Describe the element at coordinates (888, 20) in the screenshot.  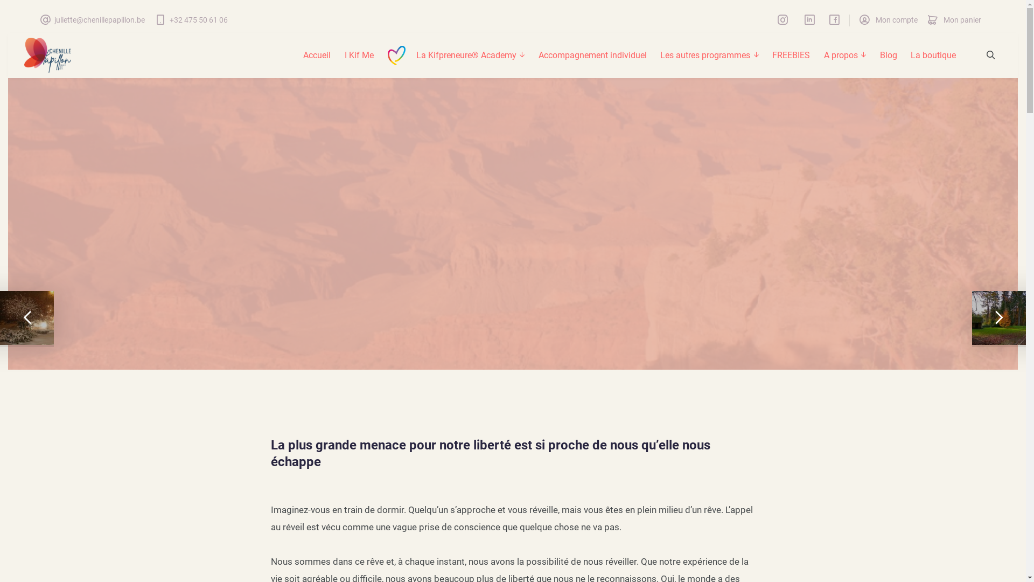
I see `'Mon compte'` at that location.